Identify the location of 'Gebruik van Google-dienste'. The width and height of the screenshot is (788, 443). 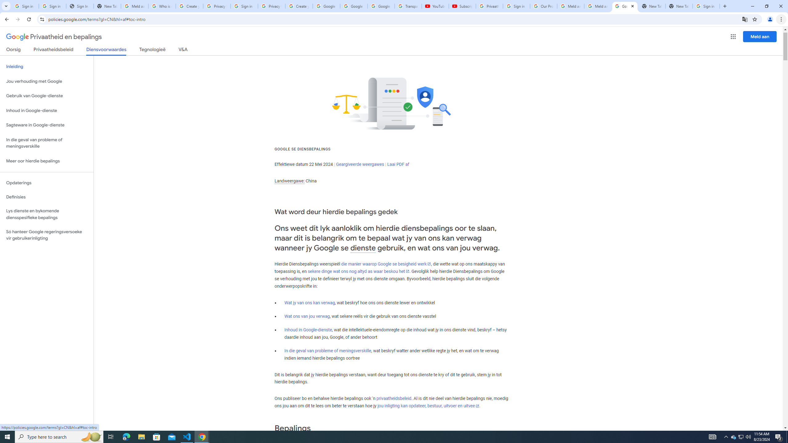
(46, 95).